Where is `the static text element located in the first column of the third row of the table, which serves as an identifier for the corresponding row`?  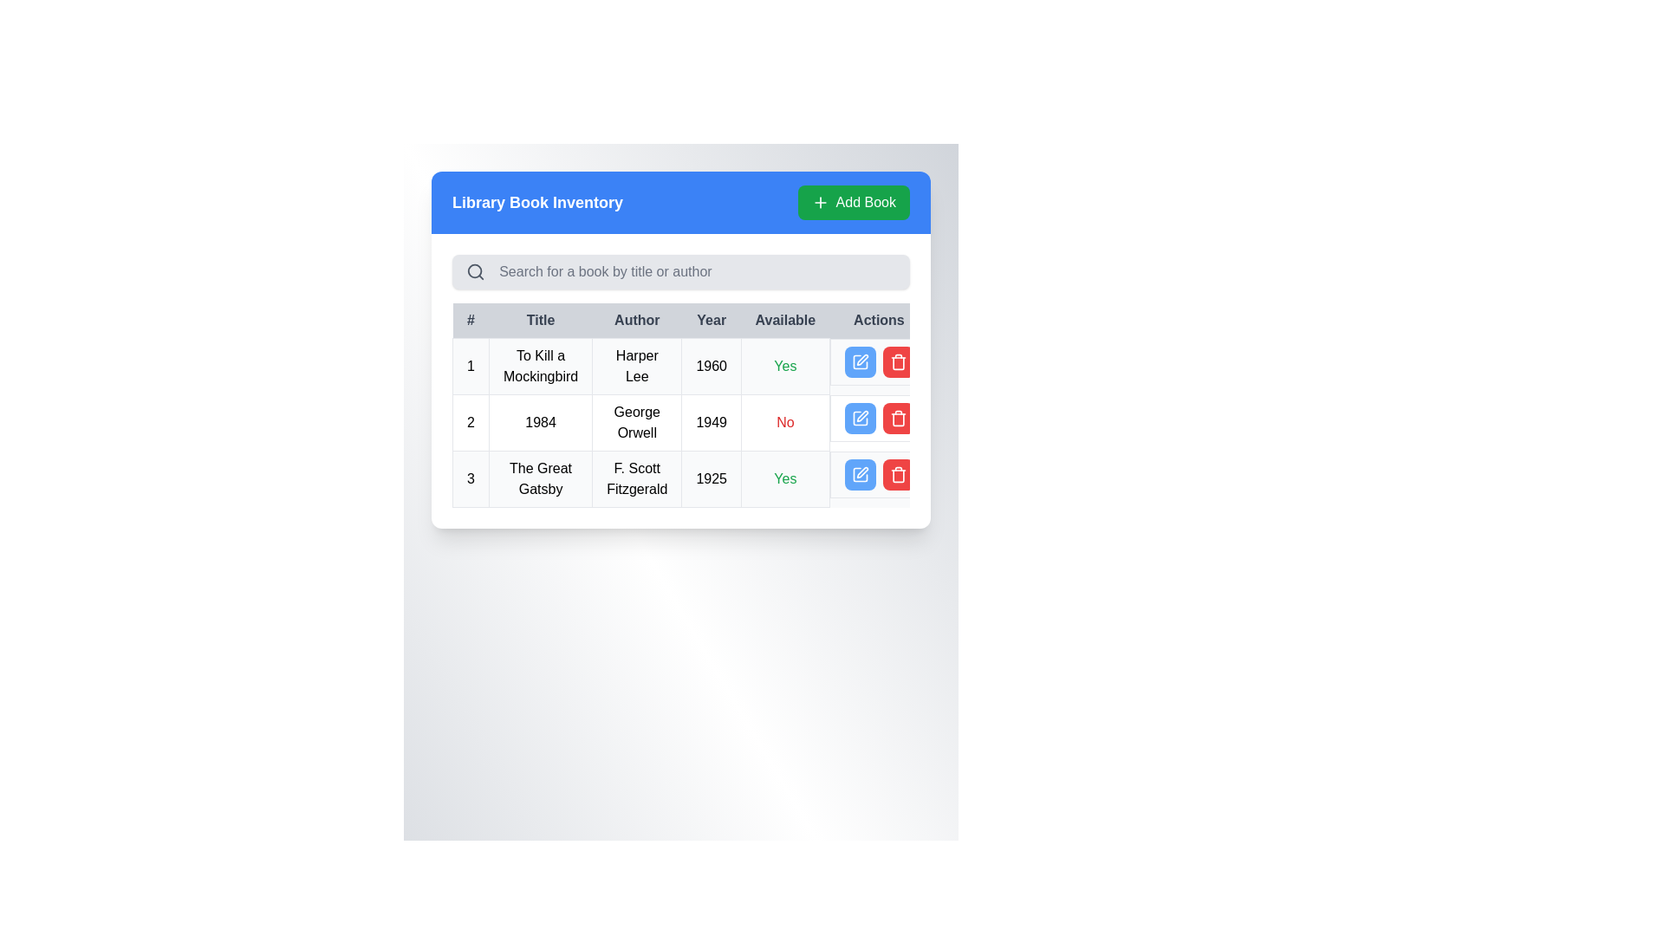 the static text element located in the first column of the third row of the table, which serves as an identifier for the corresponding row is located at coordinates (471, 478).